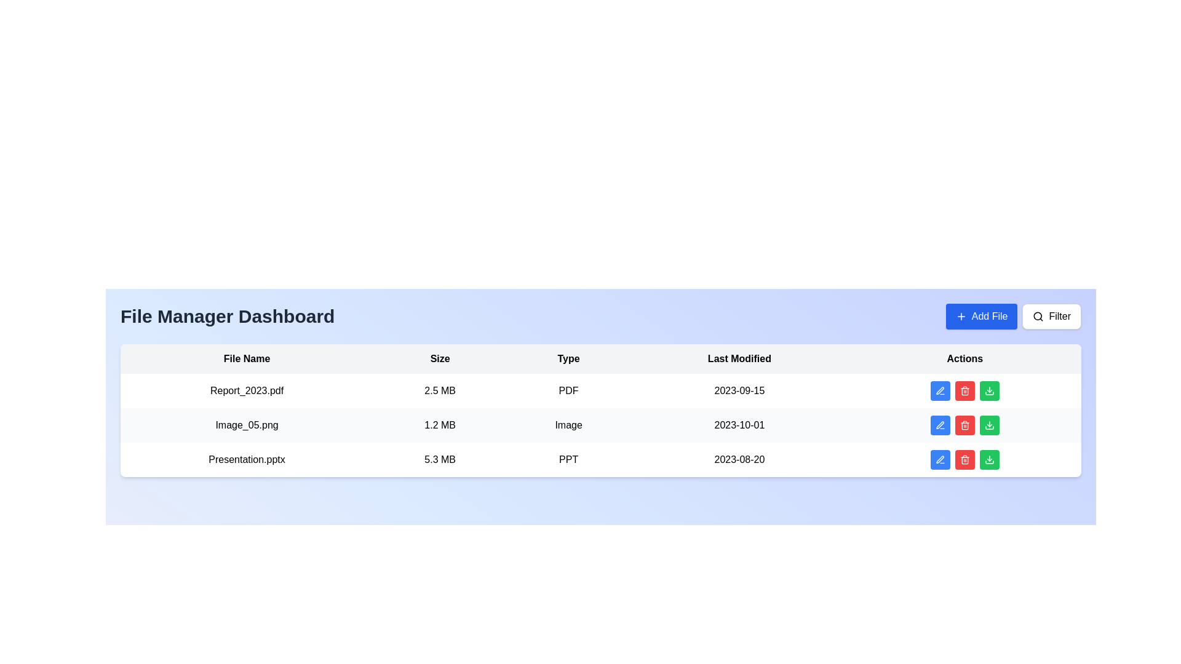  What do you see at coordinates (568, 358) in the screenshot?
I see `the 'Type' column header within the table` at bounding box center [568, 358].